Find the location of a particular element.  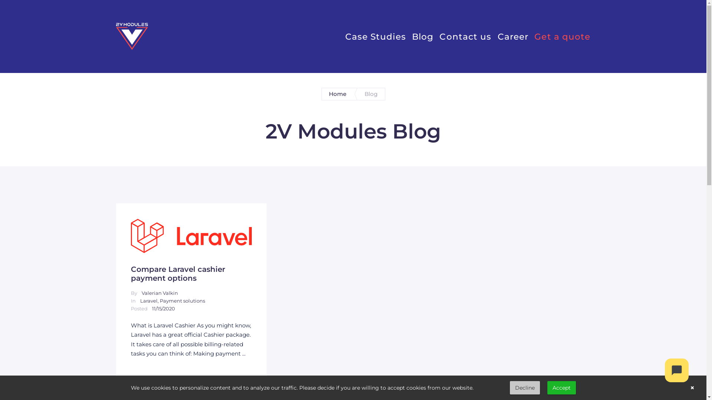

'Case Studies' is located at coordinates (375, 36).